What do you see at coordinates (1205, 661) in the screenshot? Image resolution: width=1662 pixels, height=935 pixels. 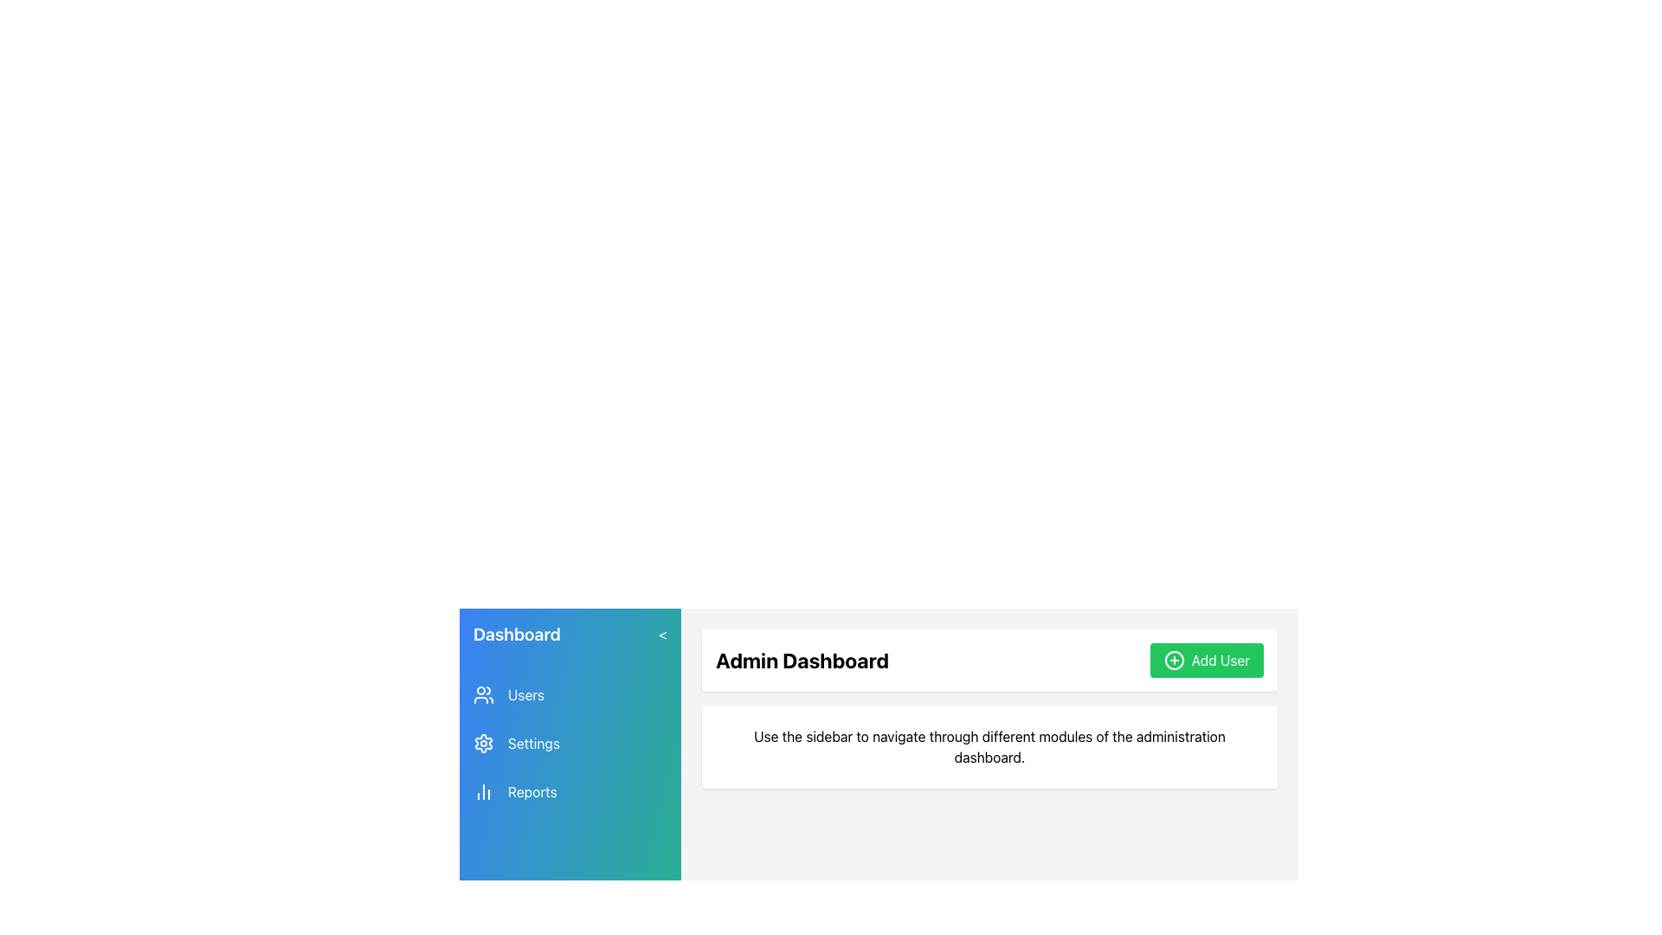 I see `the green rectangular button labeled 'Add User' with a '+' icon` at bounding box center [1205, 661].